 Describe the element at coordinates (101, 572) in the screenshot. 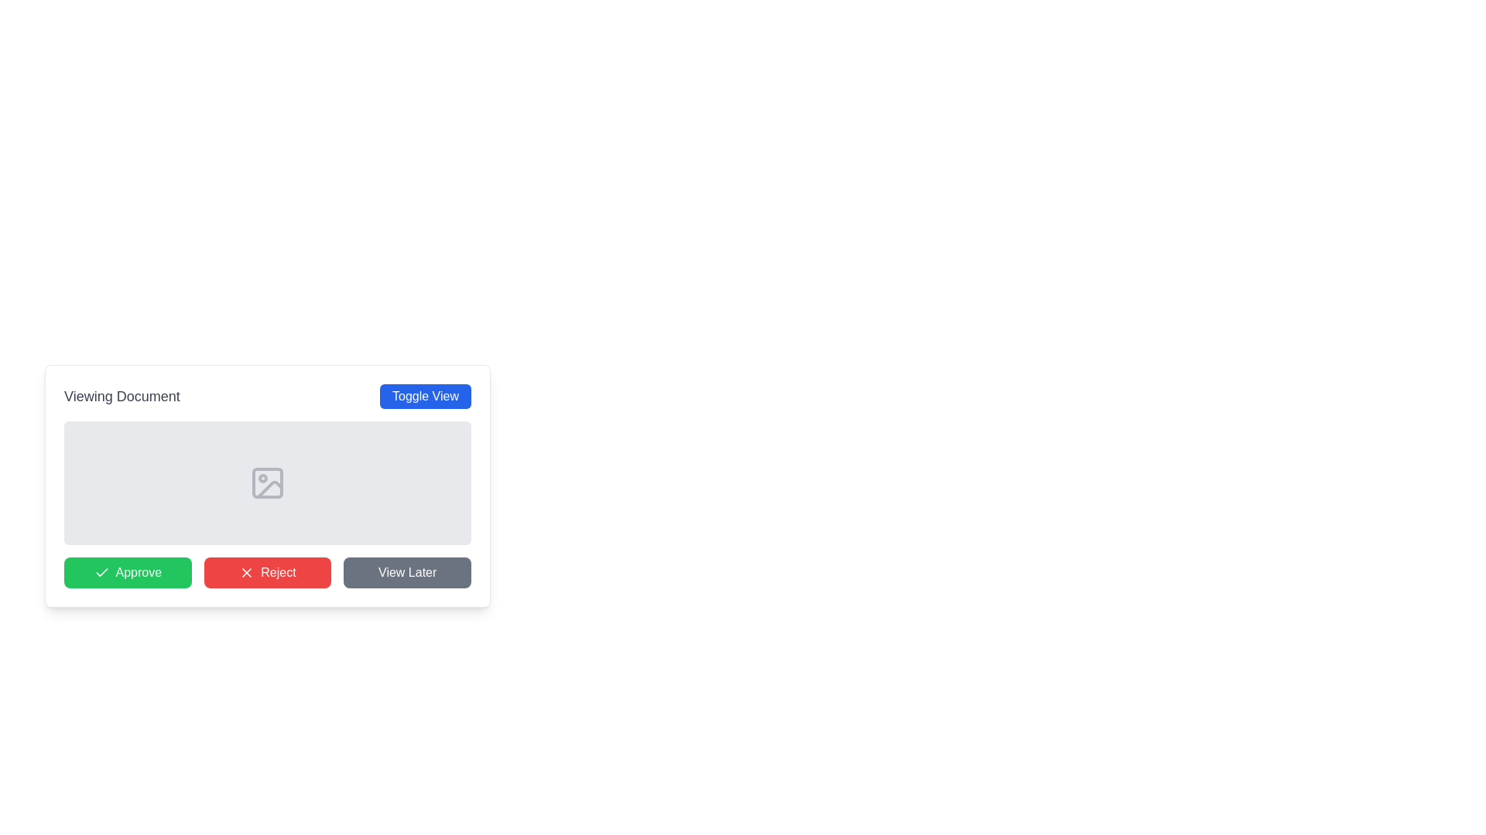

I see `the checkmark icon within the green 'Approve' button located at the bottom-left corner of the pop-up modal interface` at that location.